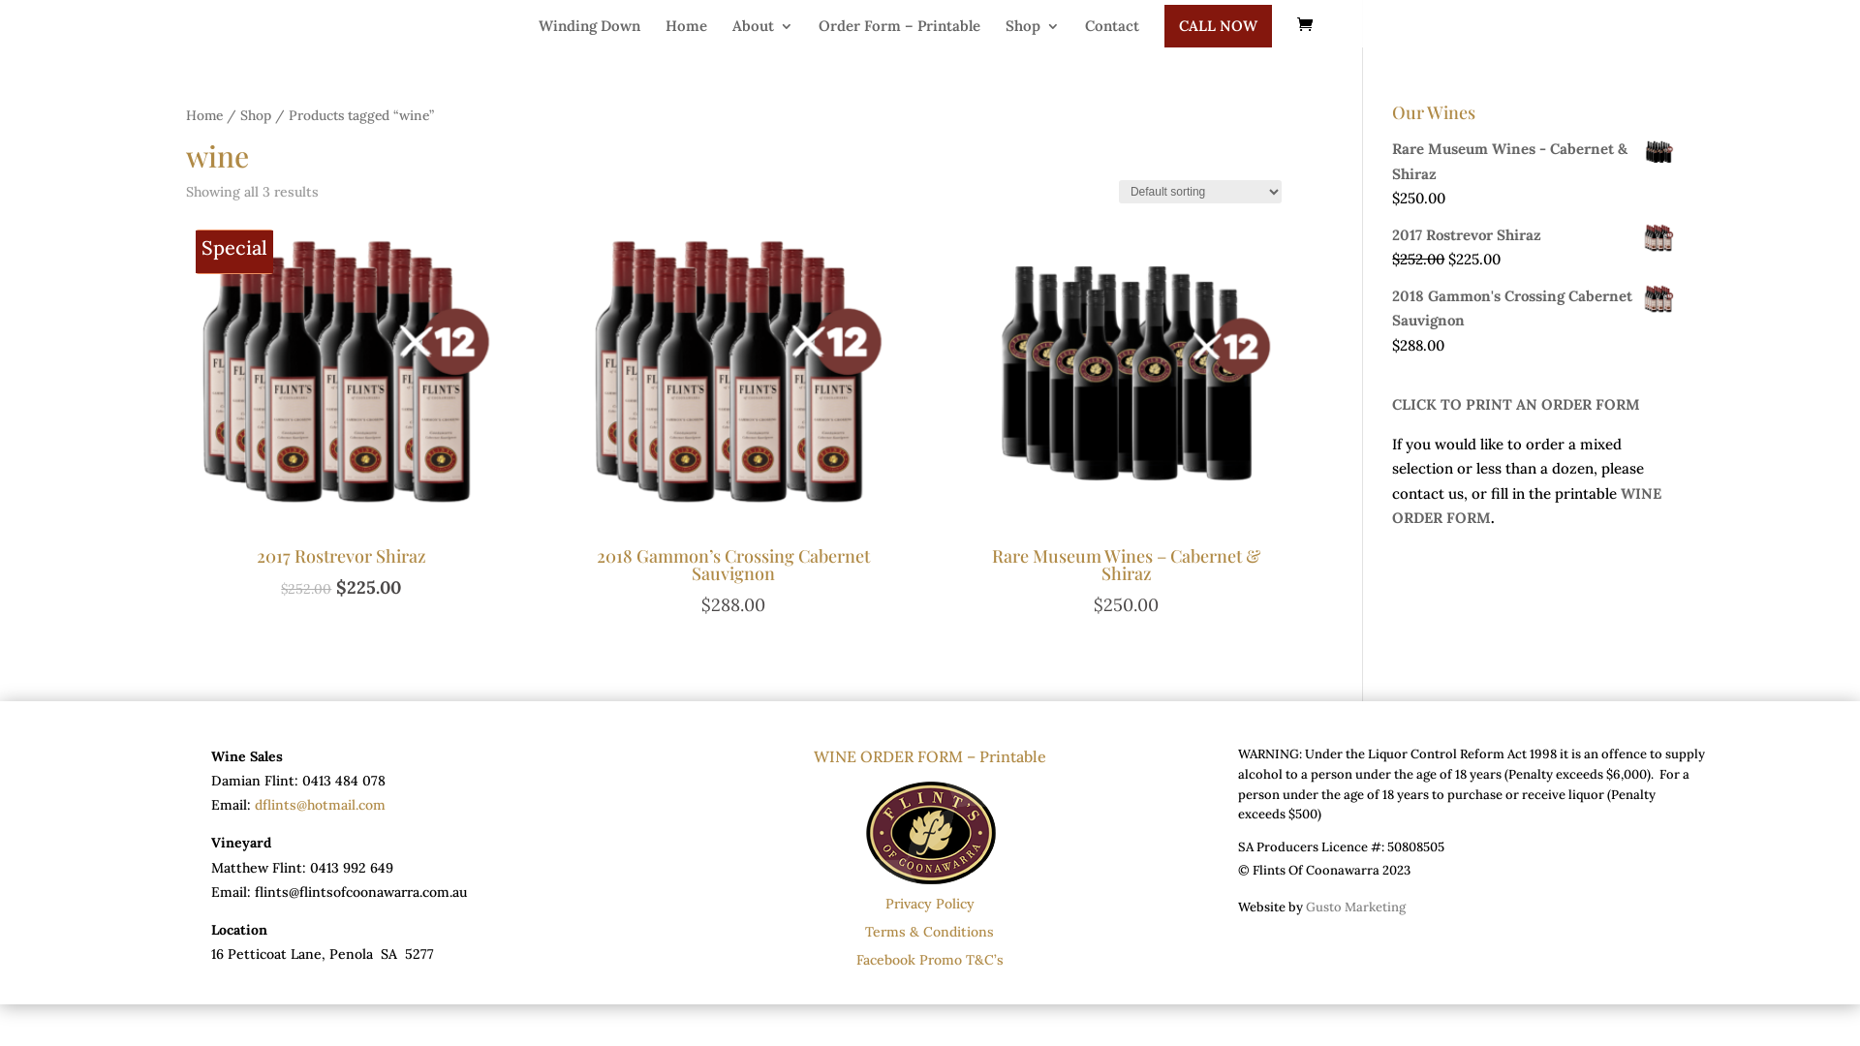 The image size is (1860, 1046). What do you see at coordinates (1390, 505) in the screenshot?
I see `'WINE ORDER FORM'` at bounding box center [1390, 505].